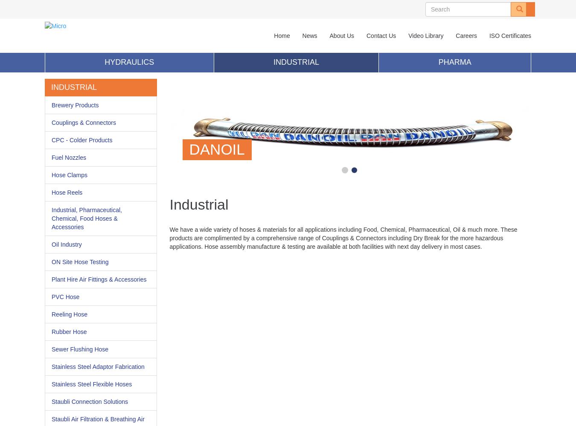 The image size is (576, 426). I want to click on 'Video Library', so click(425, 35).